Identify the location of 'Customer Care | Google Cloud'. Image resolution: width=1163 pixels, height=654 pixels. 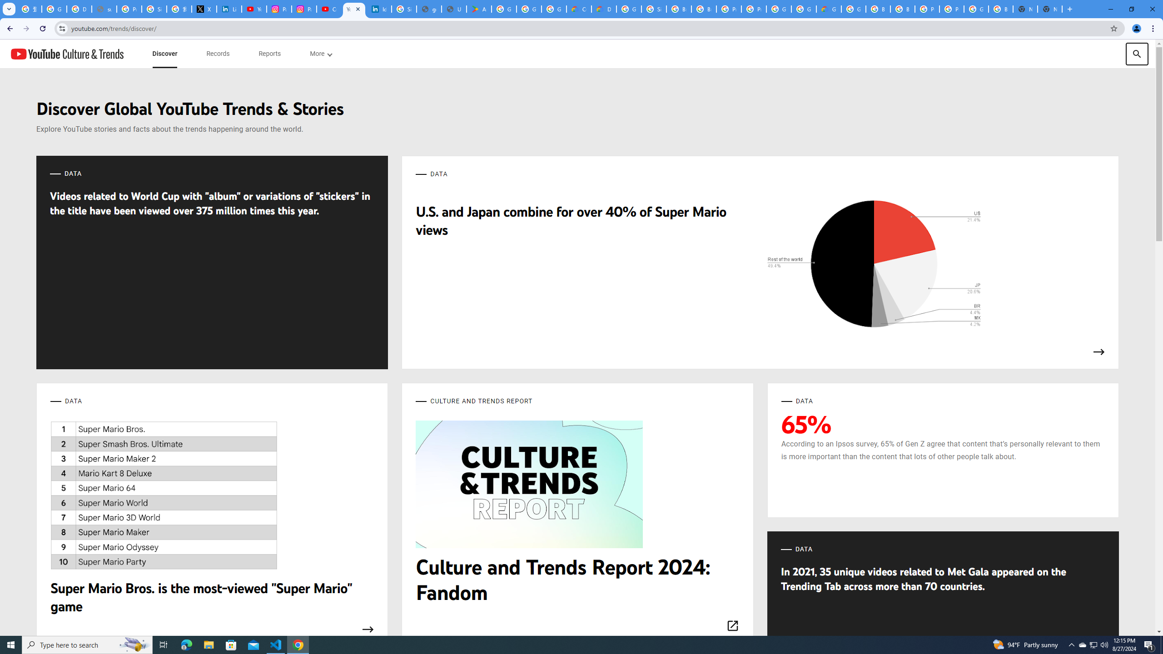
(578, 9).